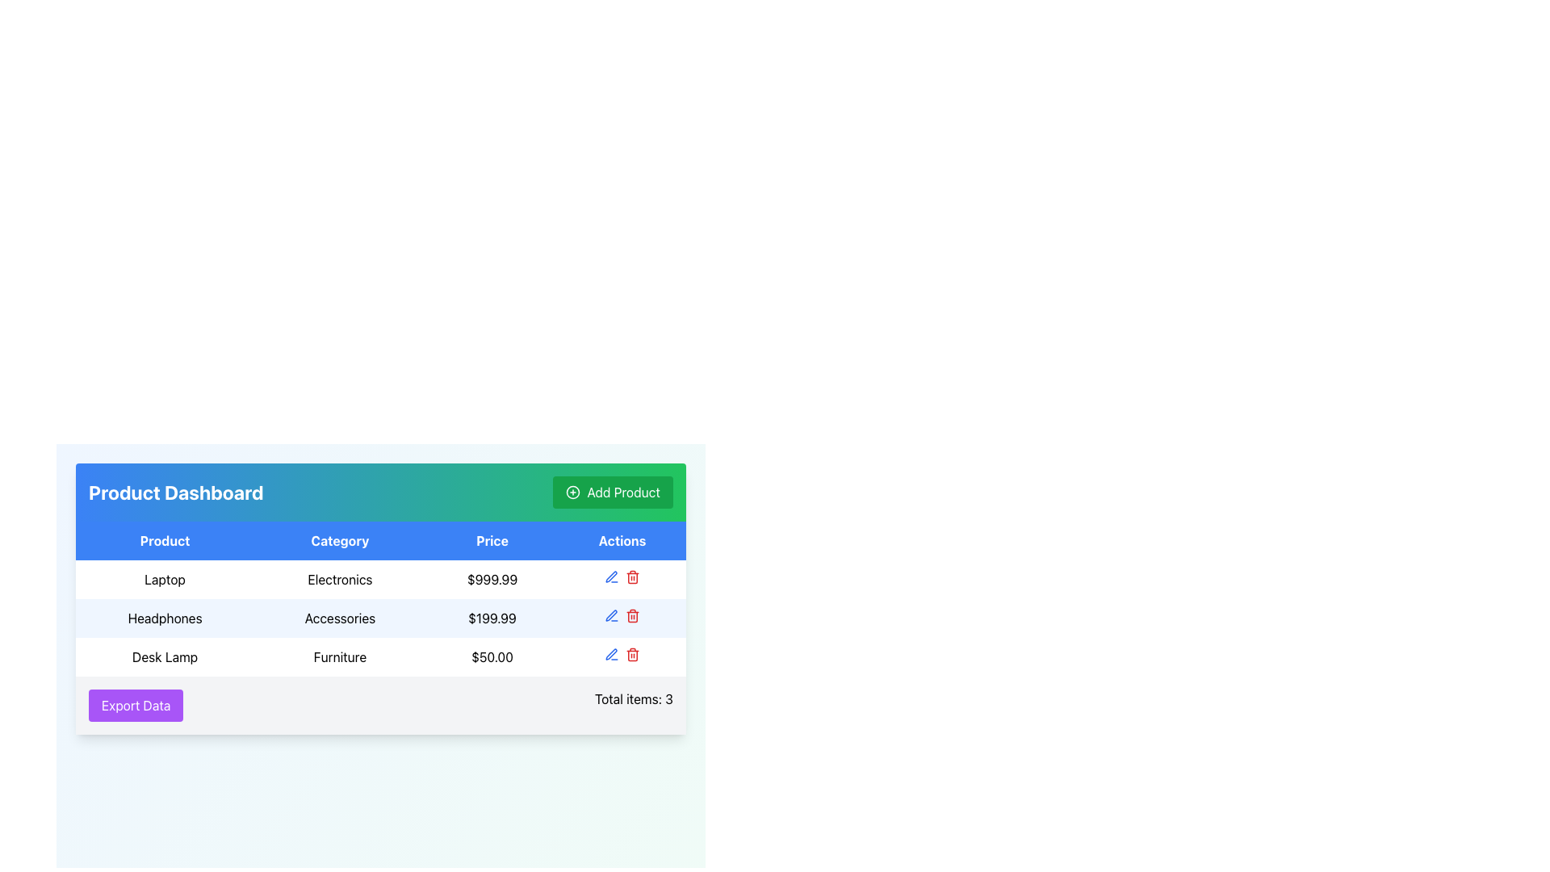 The image size is (1550, 872). Describe the element at coordinates (573, 491) in the screenshot. I see `the SVG Circle representing the 'Add Product' functionality located at the center of the 'Add Product' button in the top-right corner of the table's header section` at that location.